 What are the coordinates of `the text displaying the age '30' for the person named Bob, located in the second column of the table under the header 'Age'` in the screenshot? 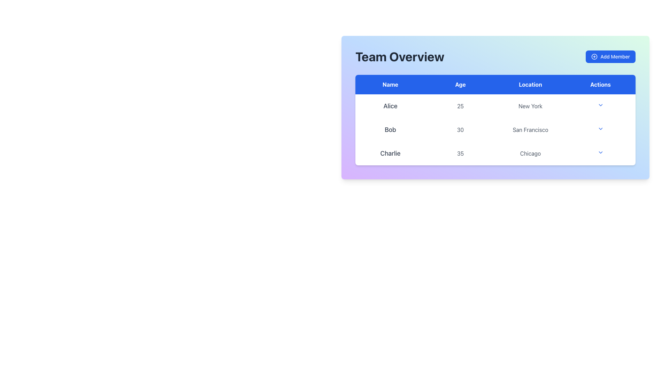 It's located at (460, 130).